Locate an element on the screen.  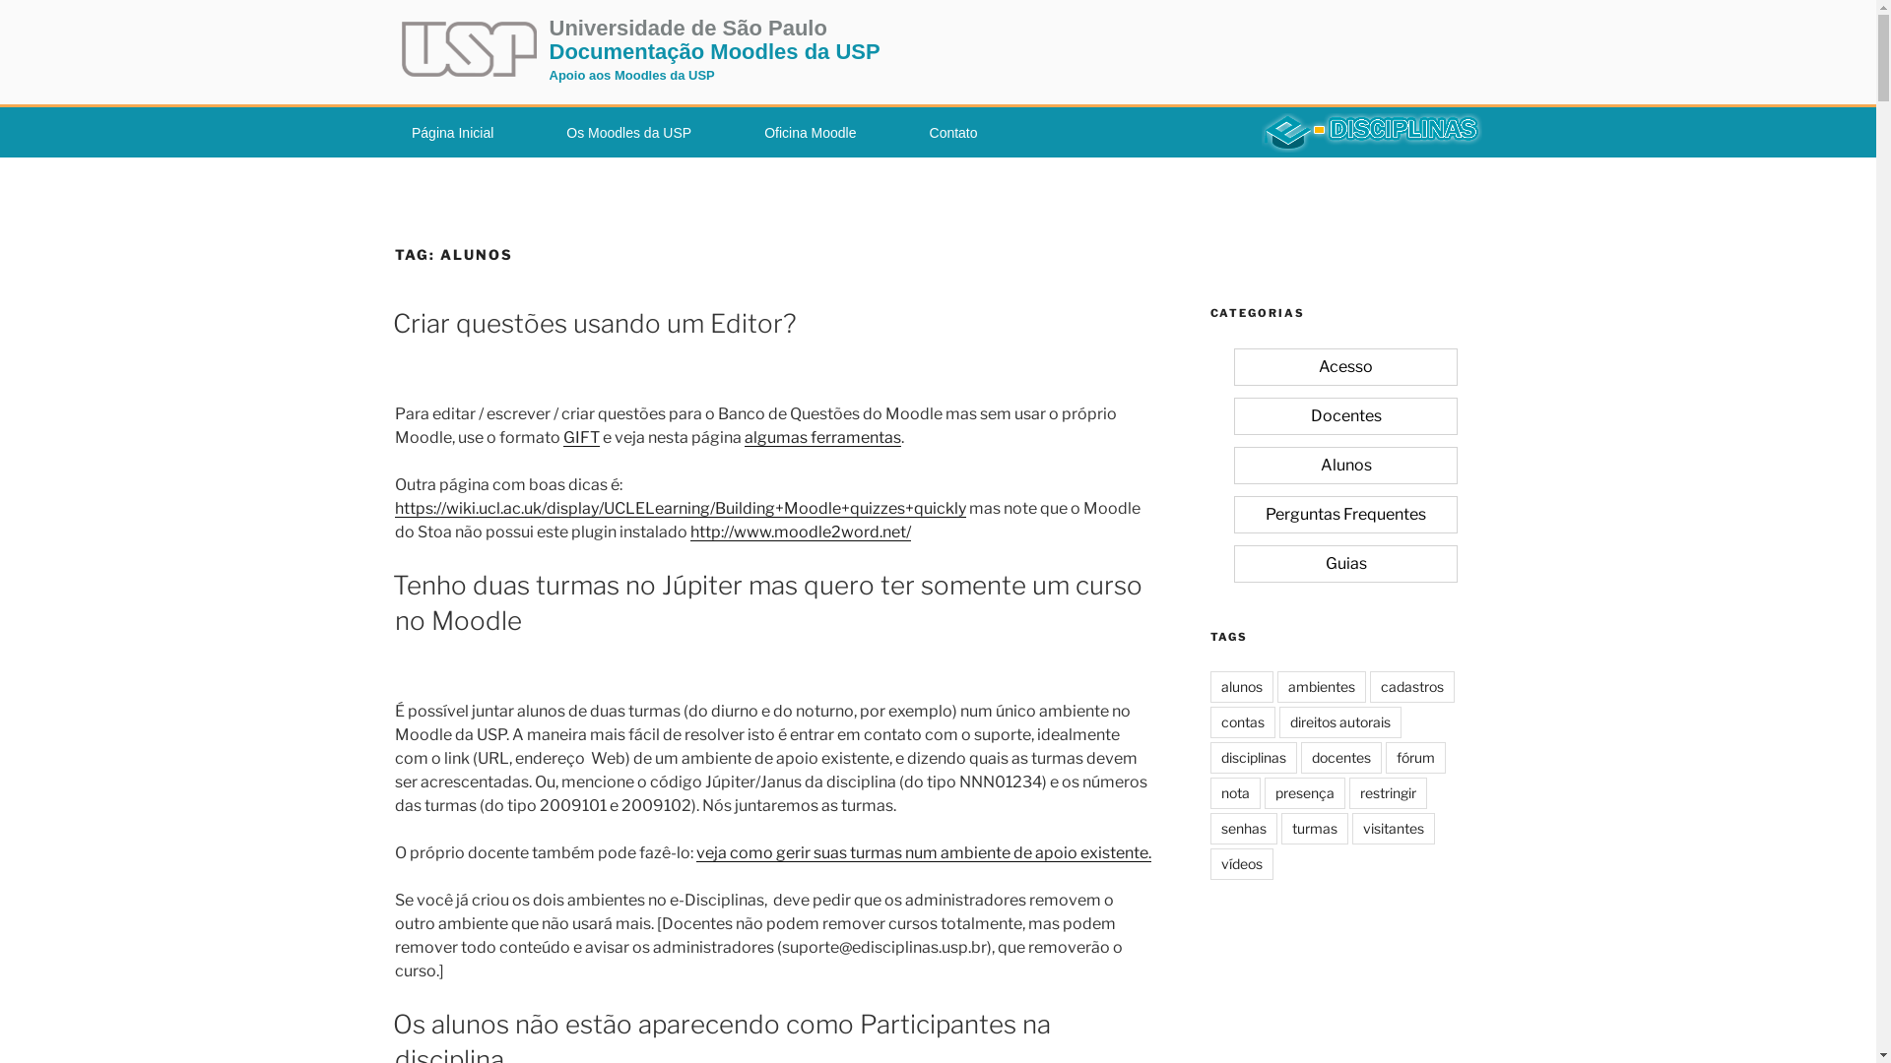
'restringir' is located at coordinates (1347, 792).